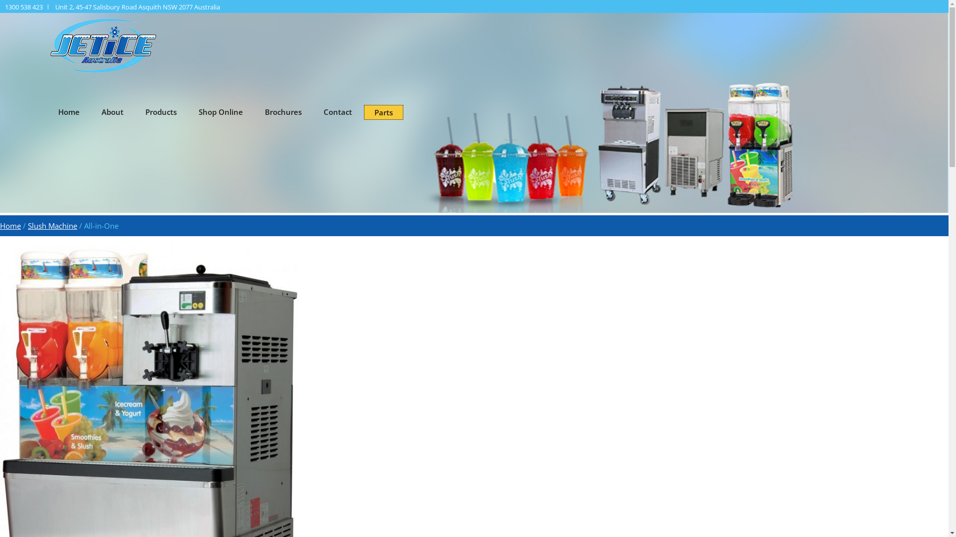 This screenshot has height=537, width=956. What do you see at coordinates (135, 111) in the screenshot?
I see `'Products'` at bounding box center [135, 111].